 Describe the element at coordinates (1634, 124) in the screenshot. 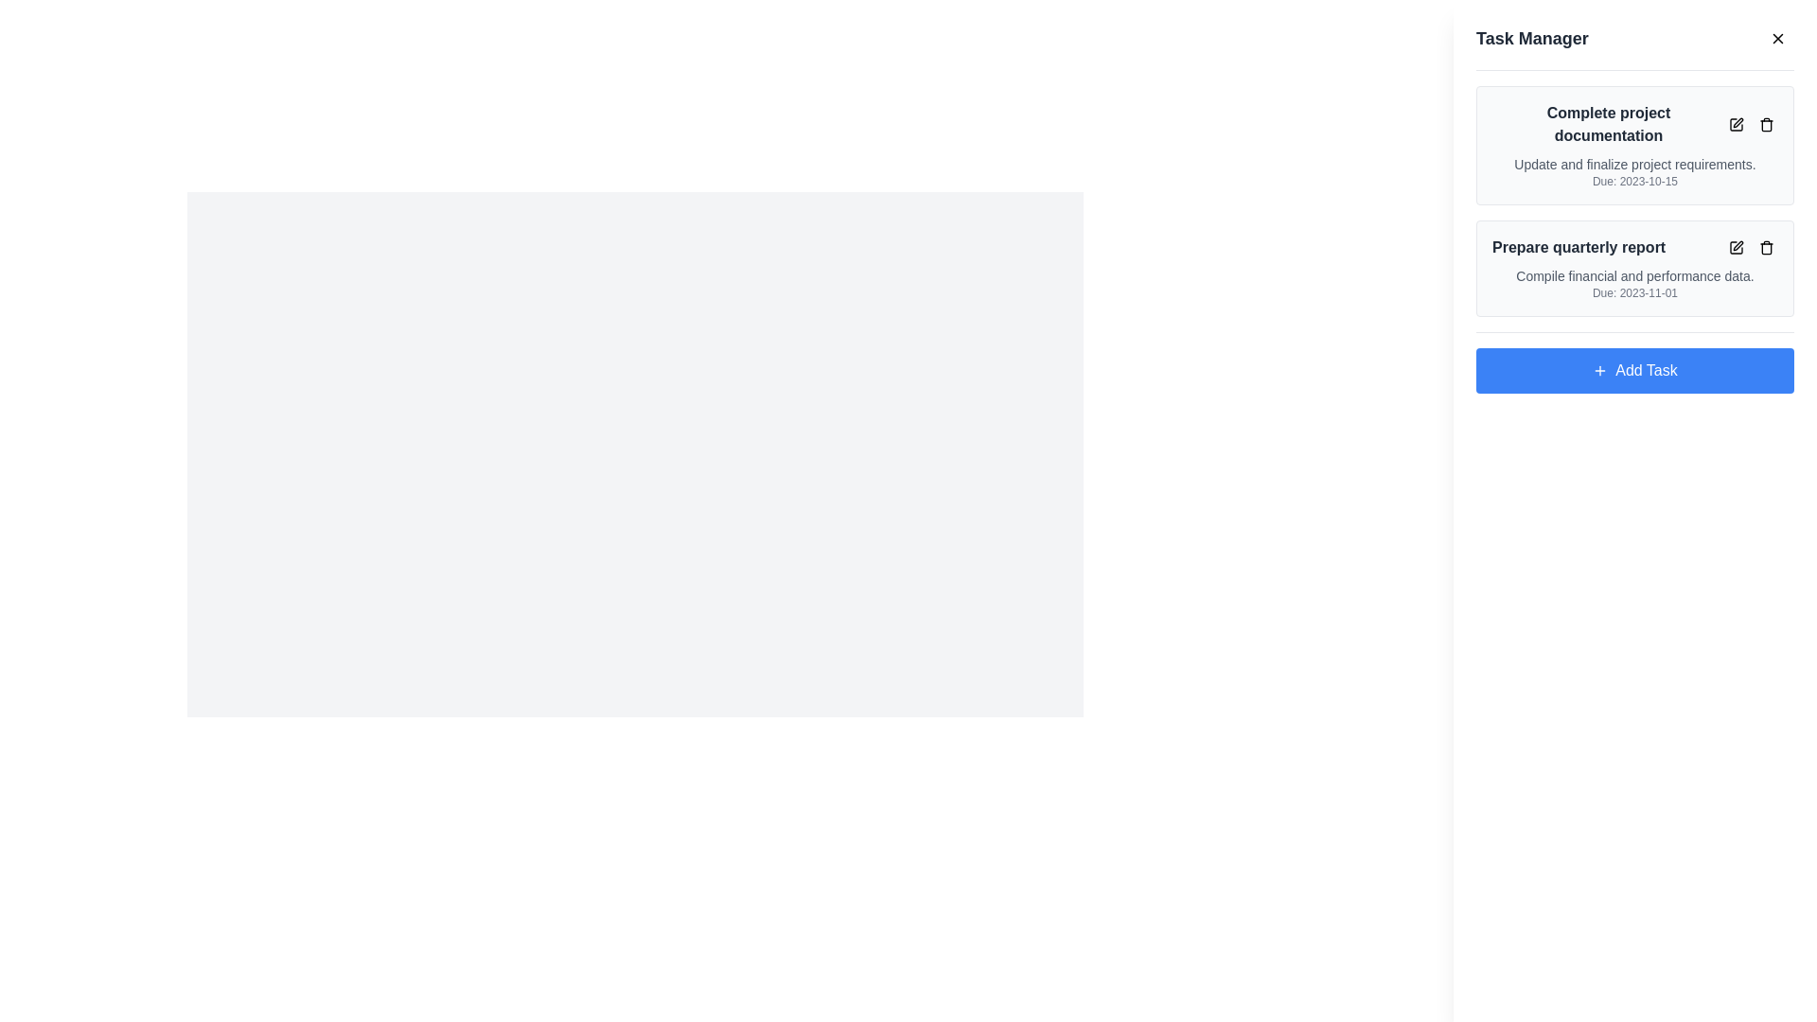

I see `the text label that reads 'Complete project documentation', styled in bold font, located in the first card of the task list in the 'Task Manager' panel` at that location.